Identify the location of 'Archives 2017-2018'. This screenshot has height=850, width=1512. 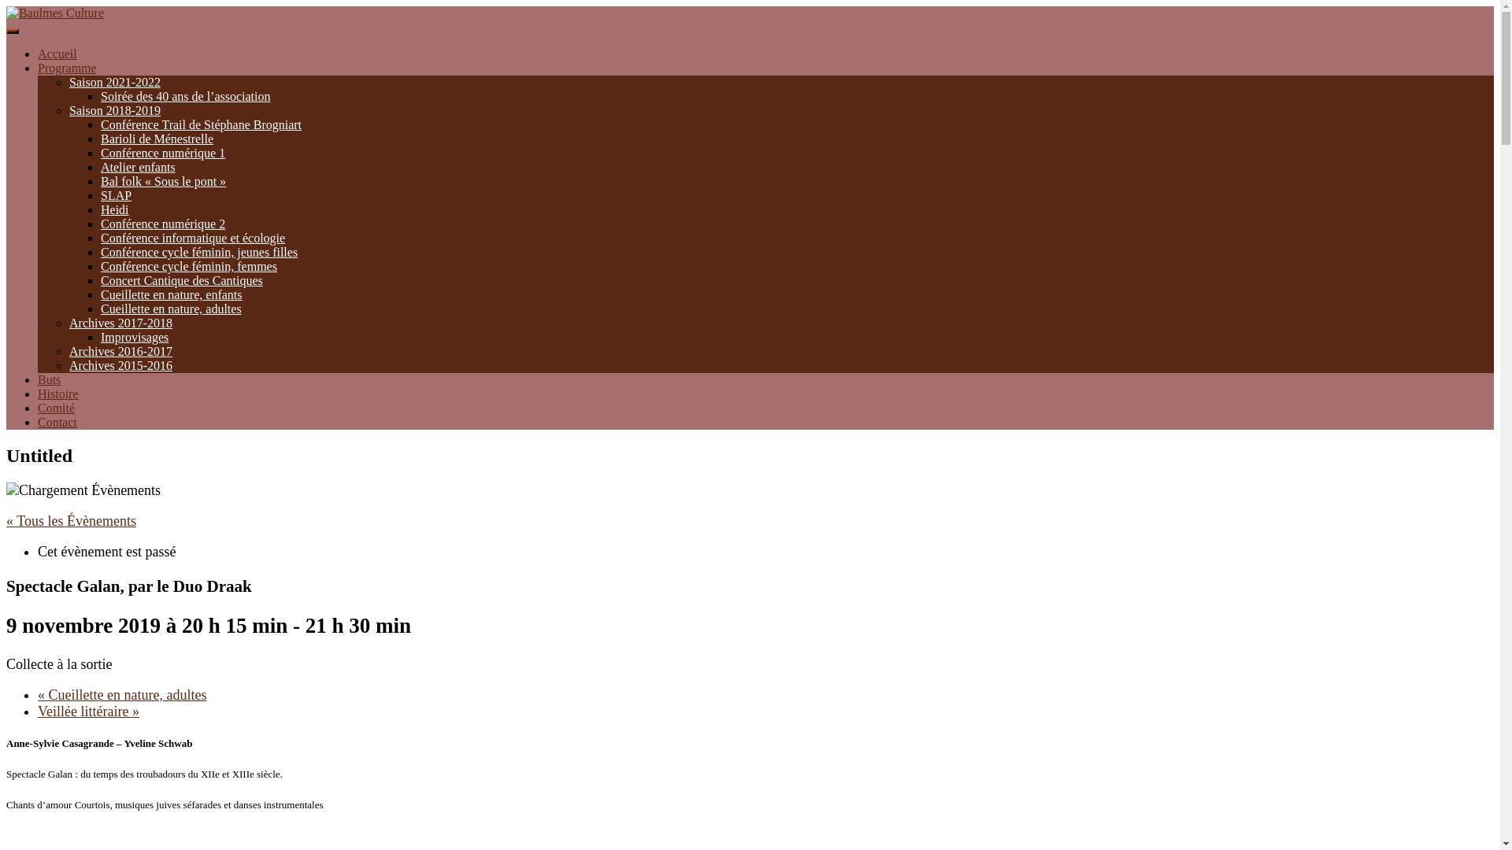
(68, 322).